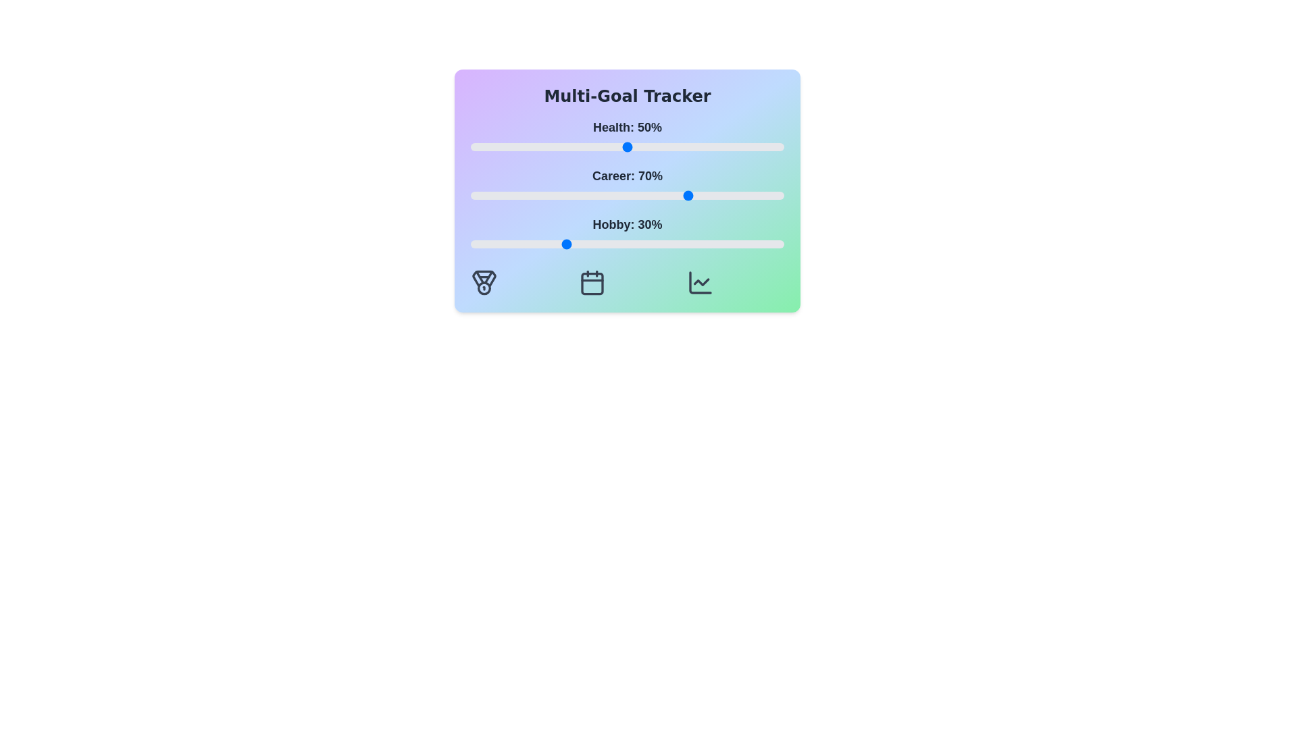 The image size is (1297, 729). Describe the element at coordinates (700, 282) in the screenshot. I see `the 'Chart' icon` at that location.